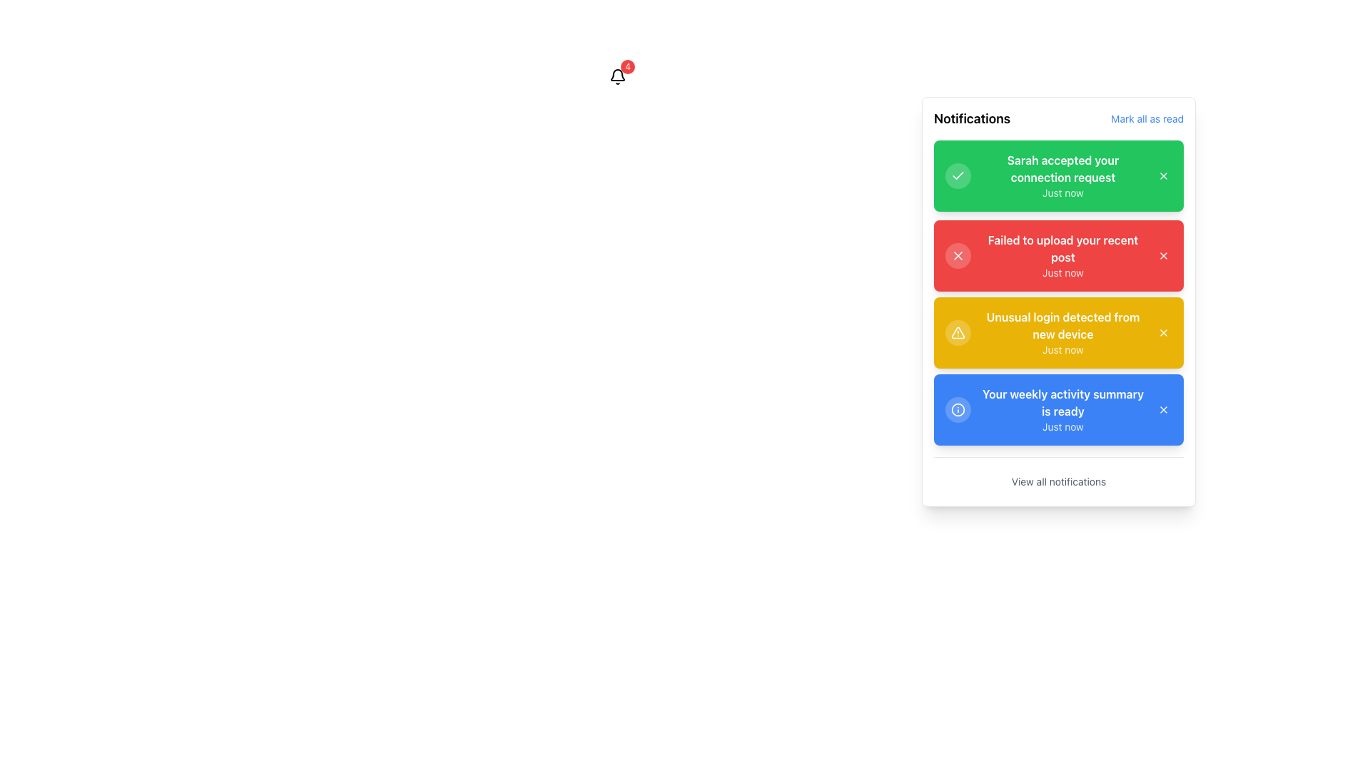  What do you see at coordinates (1147, 118) in the screenshot?
I see `the hyperlink text that allows users to mark all notifications as read, located at the top-right corner of the 'Notifications' section` at bounding box center [1147, 118].